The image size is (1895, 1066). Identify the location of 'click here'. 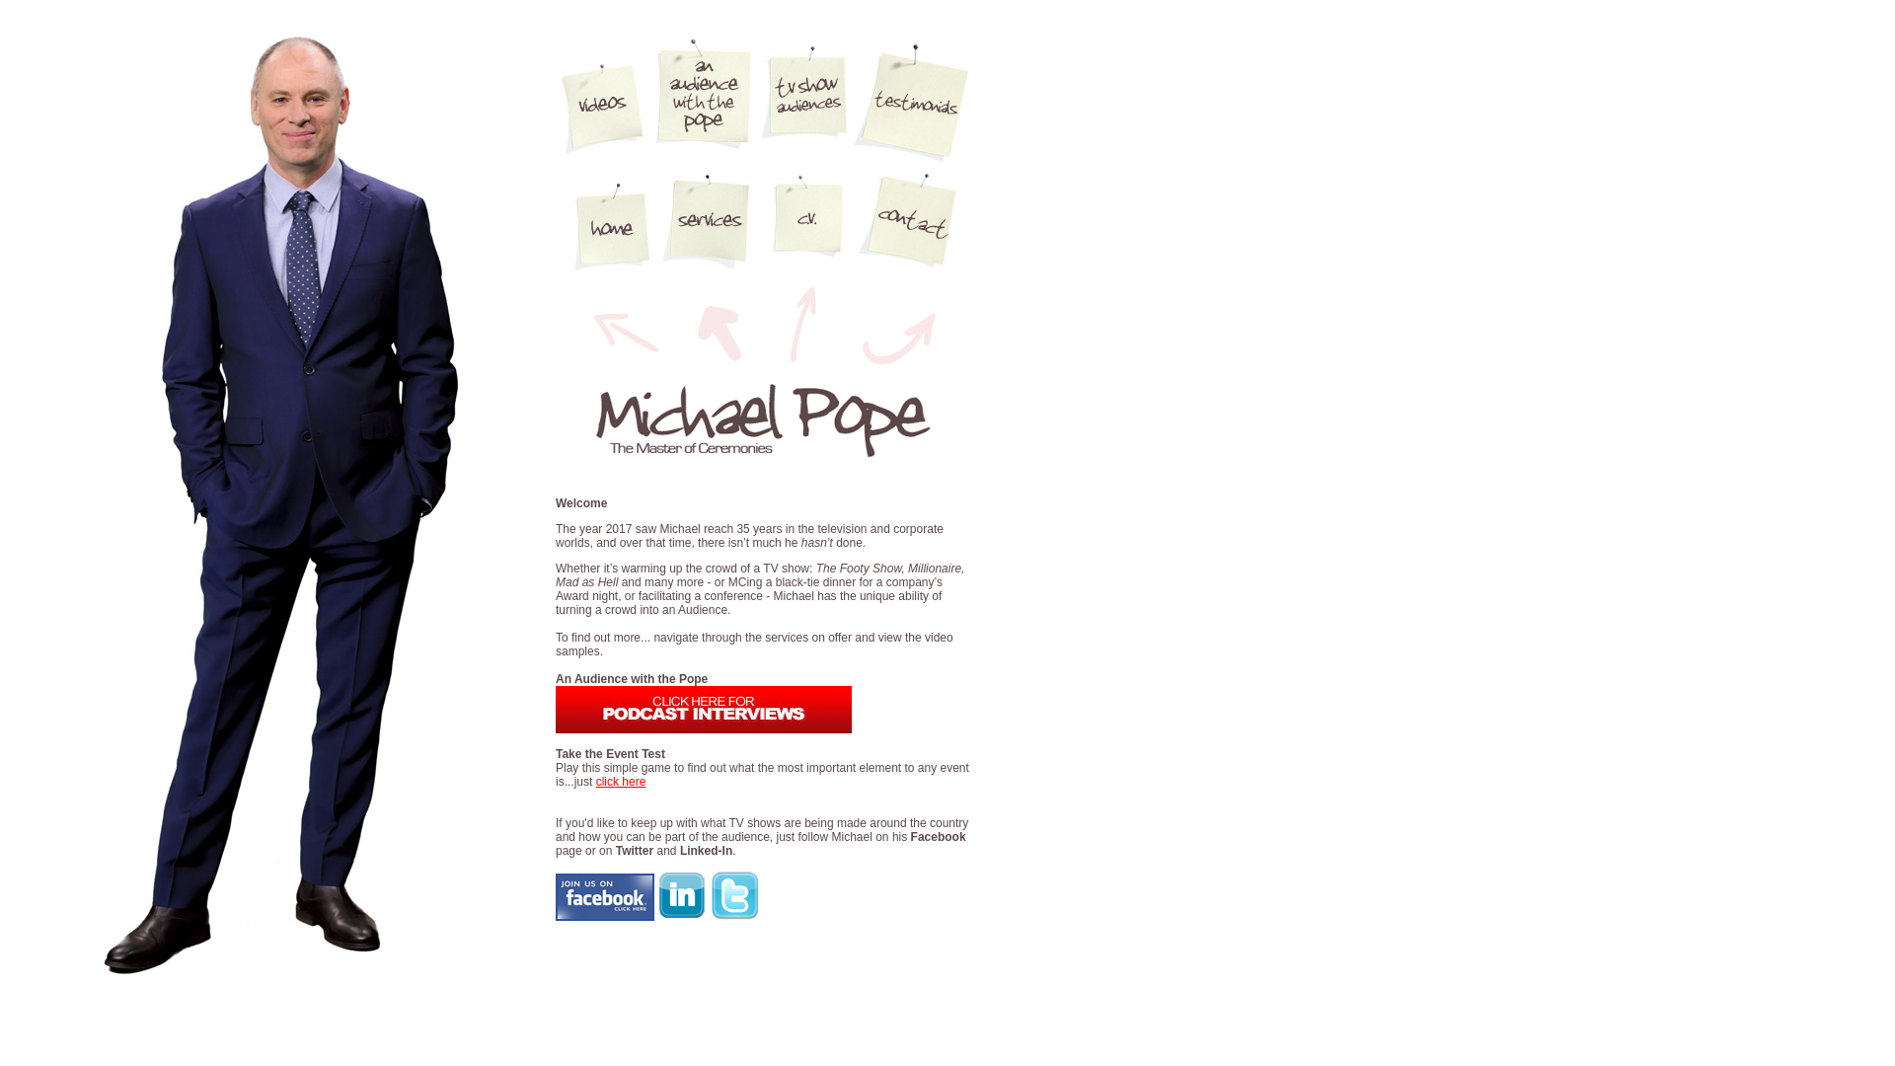
(620, 780).